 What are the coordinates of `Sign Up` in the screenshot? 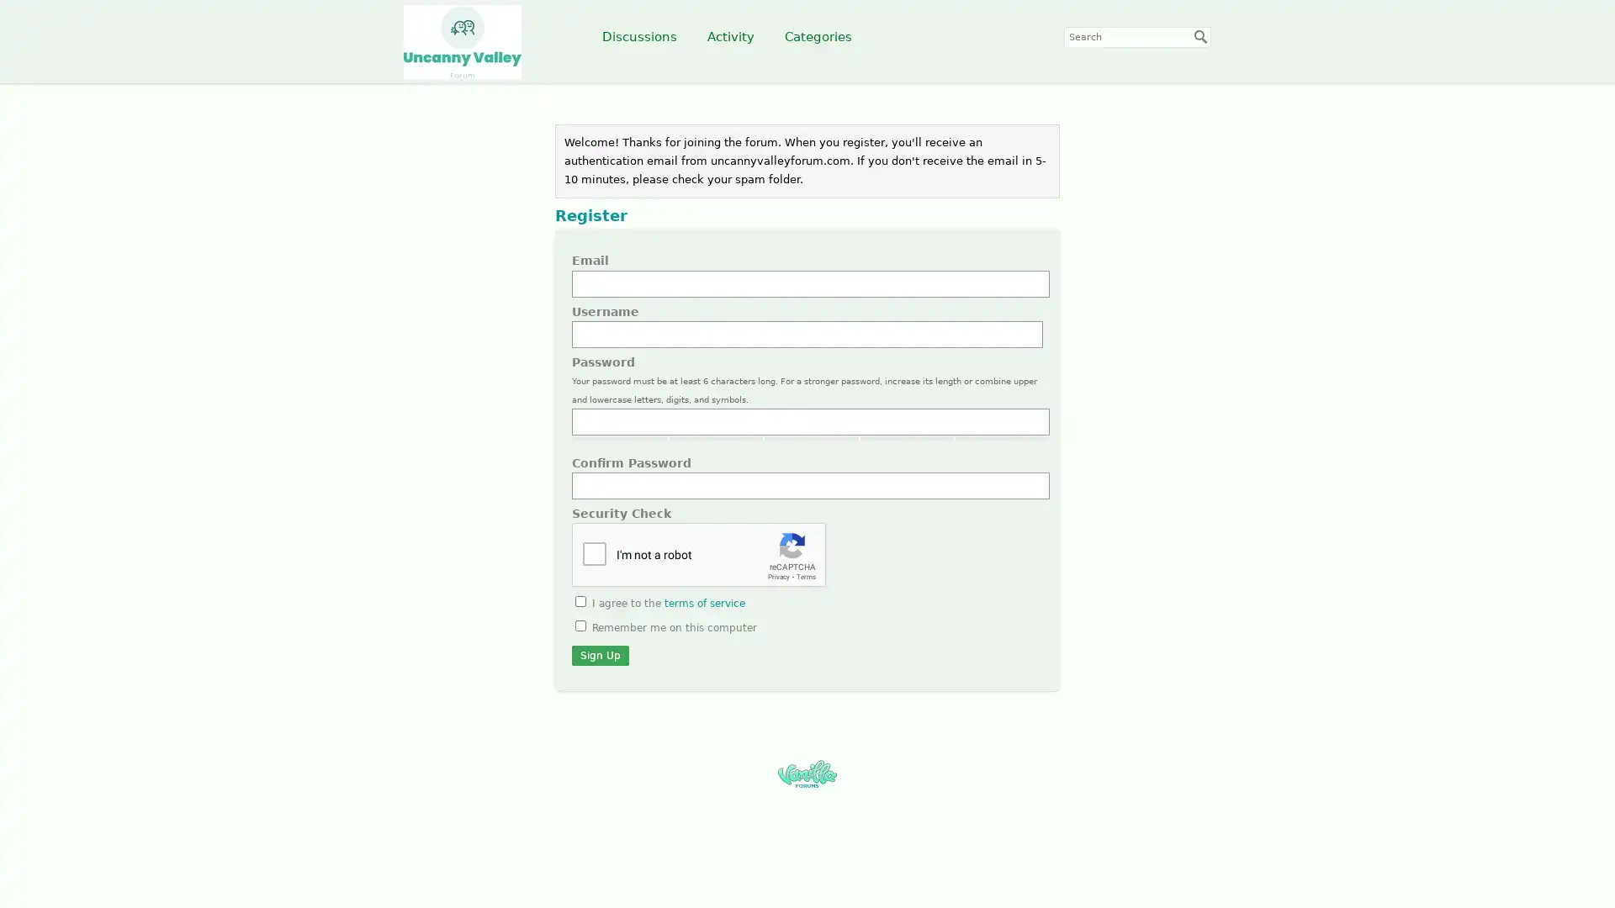 It's located at (601, 654).